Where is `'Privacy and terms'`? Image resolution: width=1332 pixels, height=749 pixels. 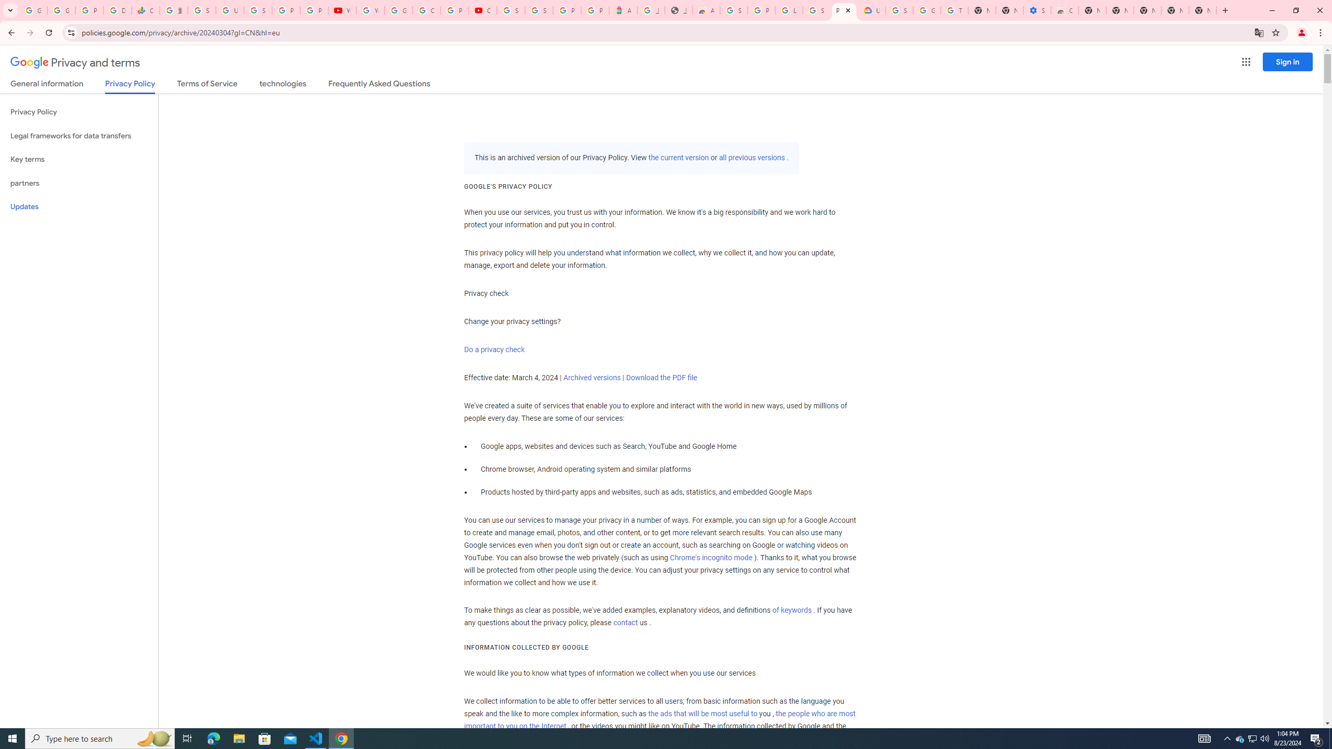
'Privacy and terms' is located at coordinates (74, 62).